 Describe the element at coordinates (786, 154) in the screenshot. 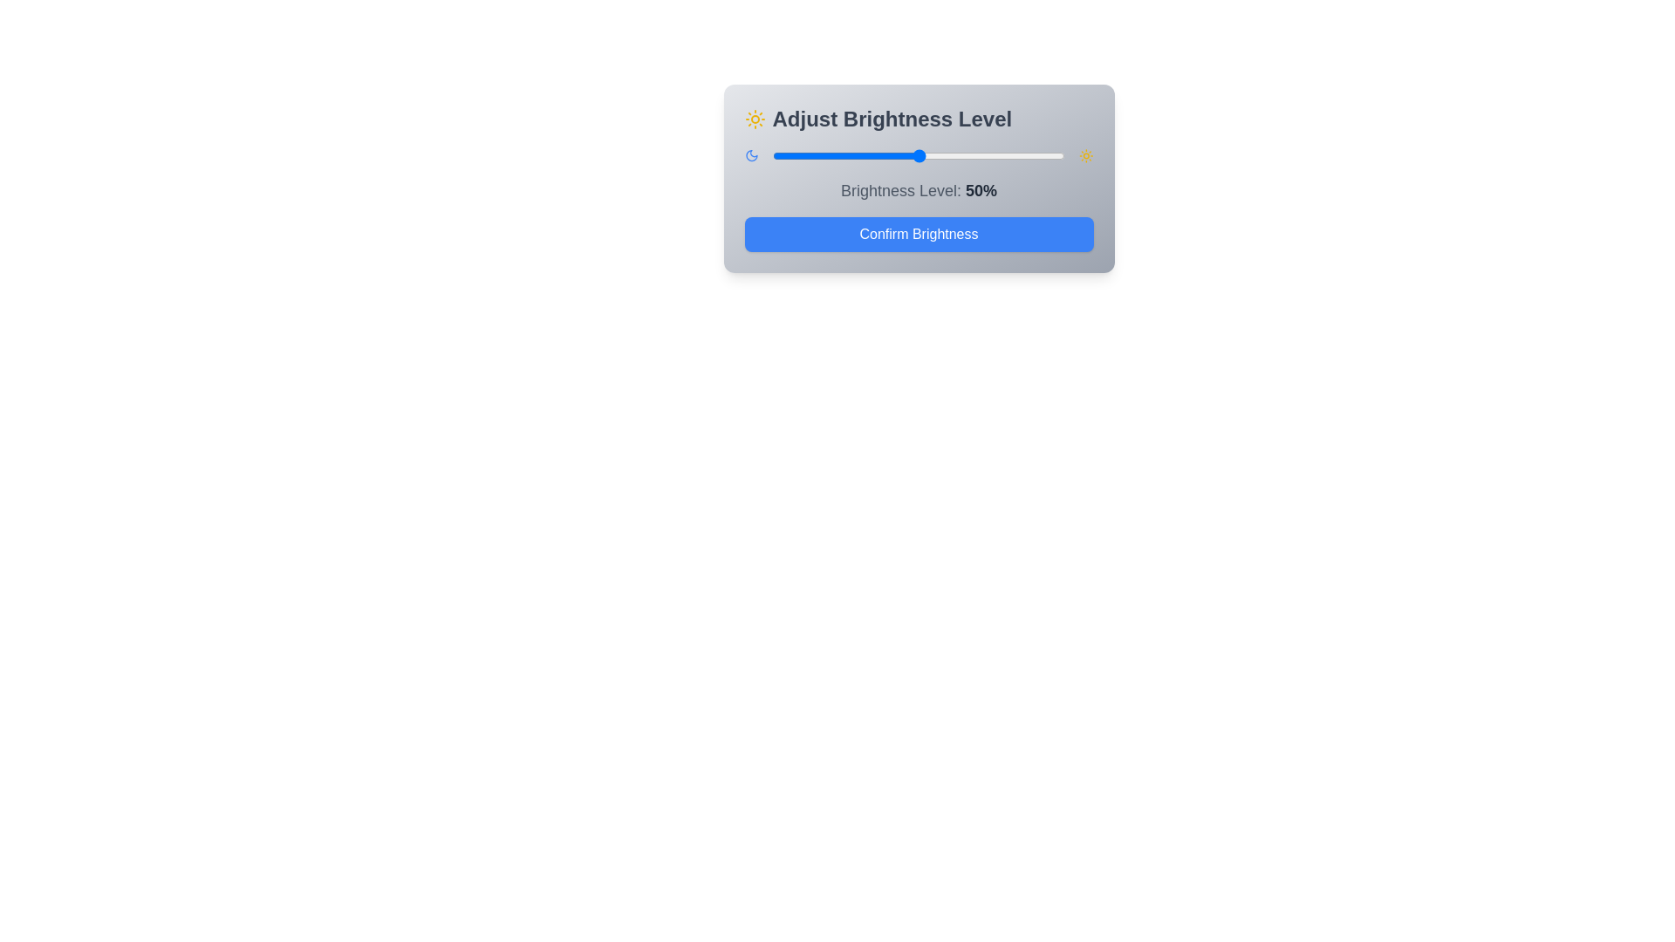

I see `the brightness slider to 5% to explore its visual effect` at that location.